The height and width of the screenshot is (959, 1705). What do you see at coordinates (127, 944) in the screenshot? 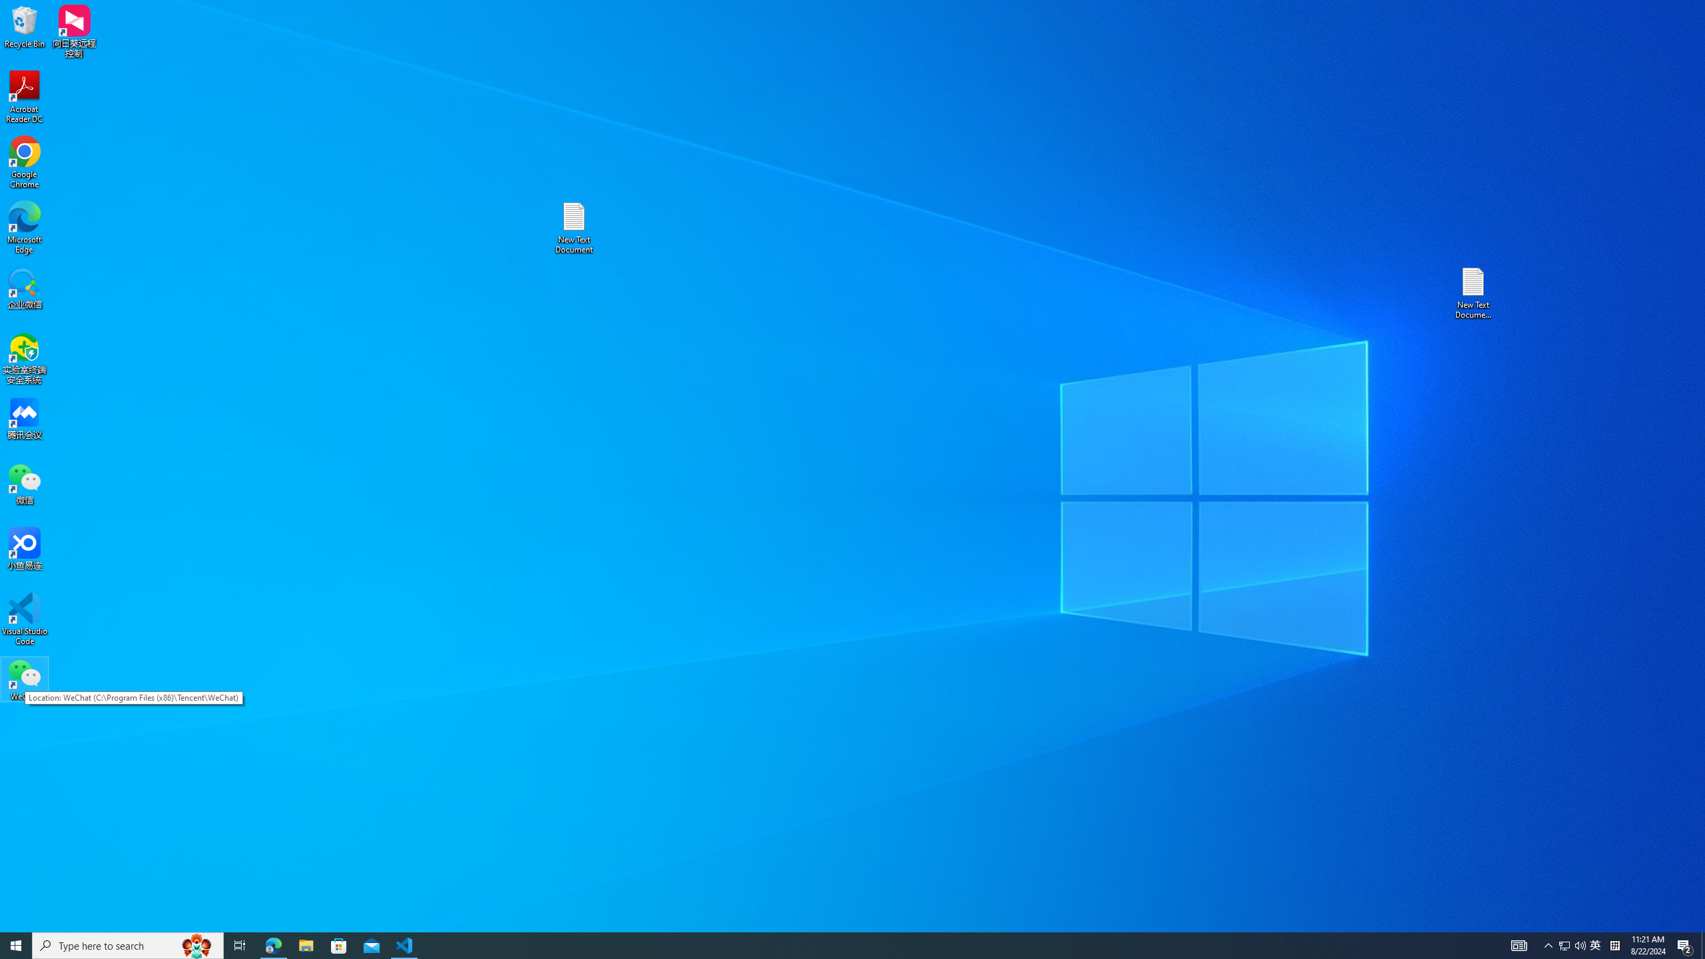
I see `'Type here to search'` at bounding box center [127, 944].